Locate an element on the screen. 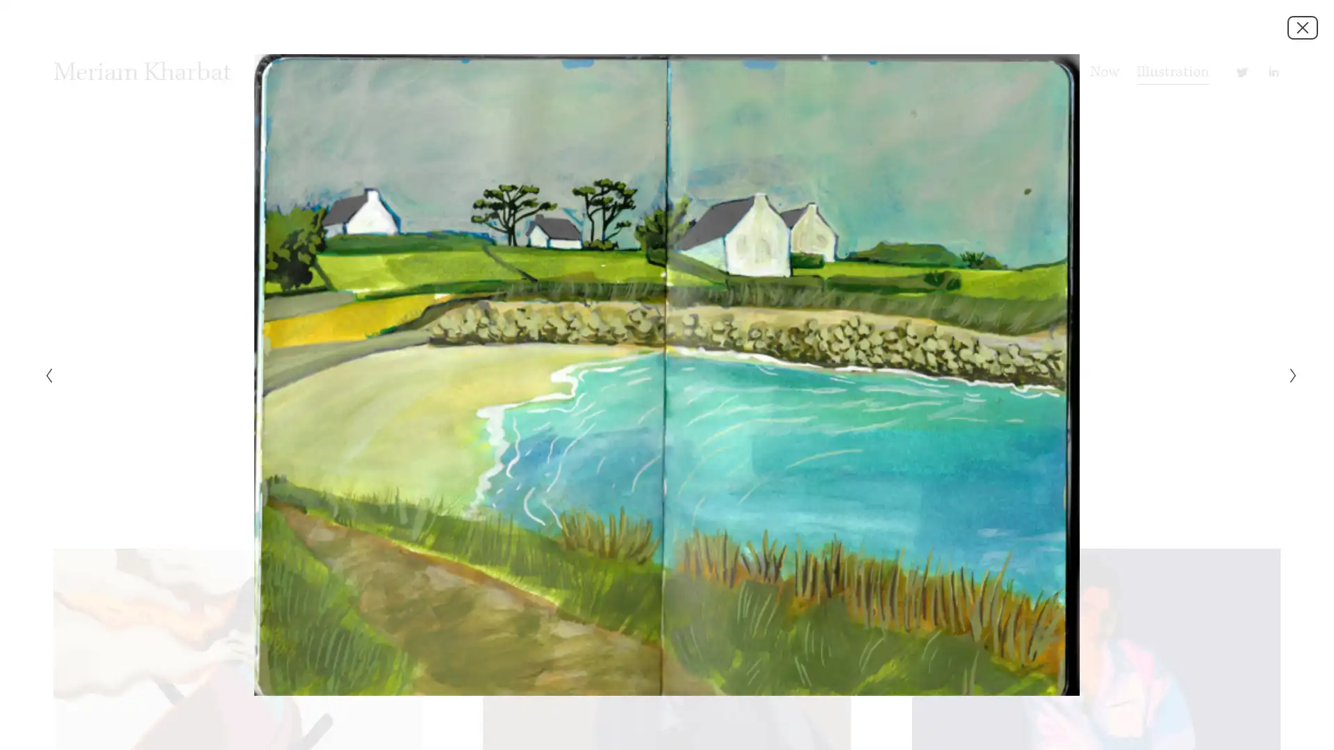 The height and width of the screenshot is (750, 1334). Close is located at coordinates (1302, 26).